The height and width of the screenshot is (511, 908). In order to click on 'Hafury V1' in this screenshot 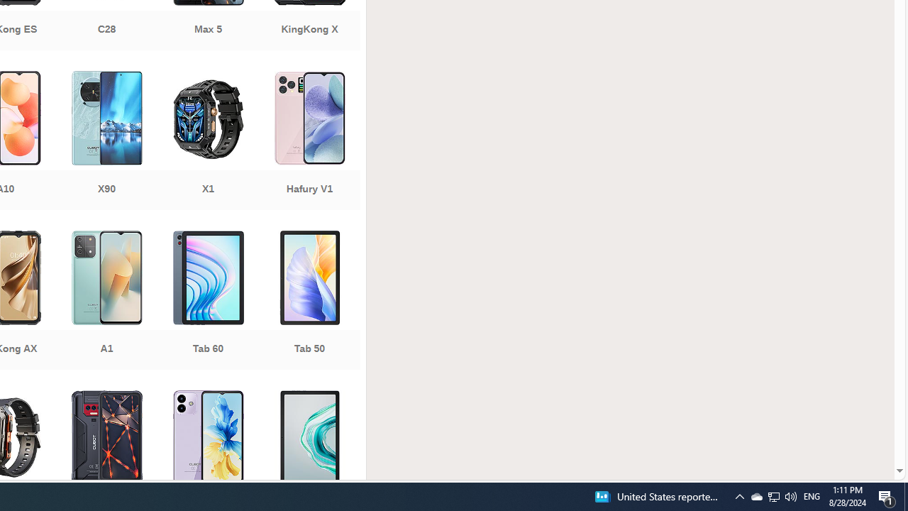, I will do `click(309, 142)`.